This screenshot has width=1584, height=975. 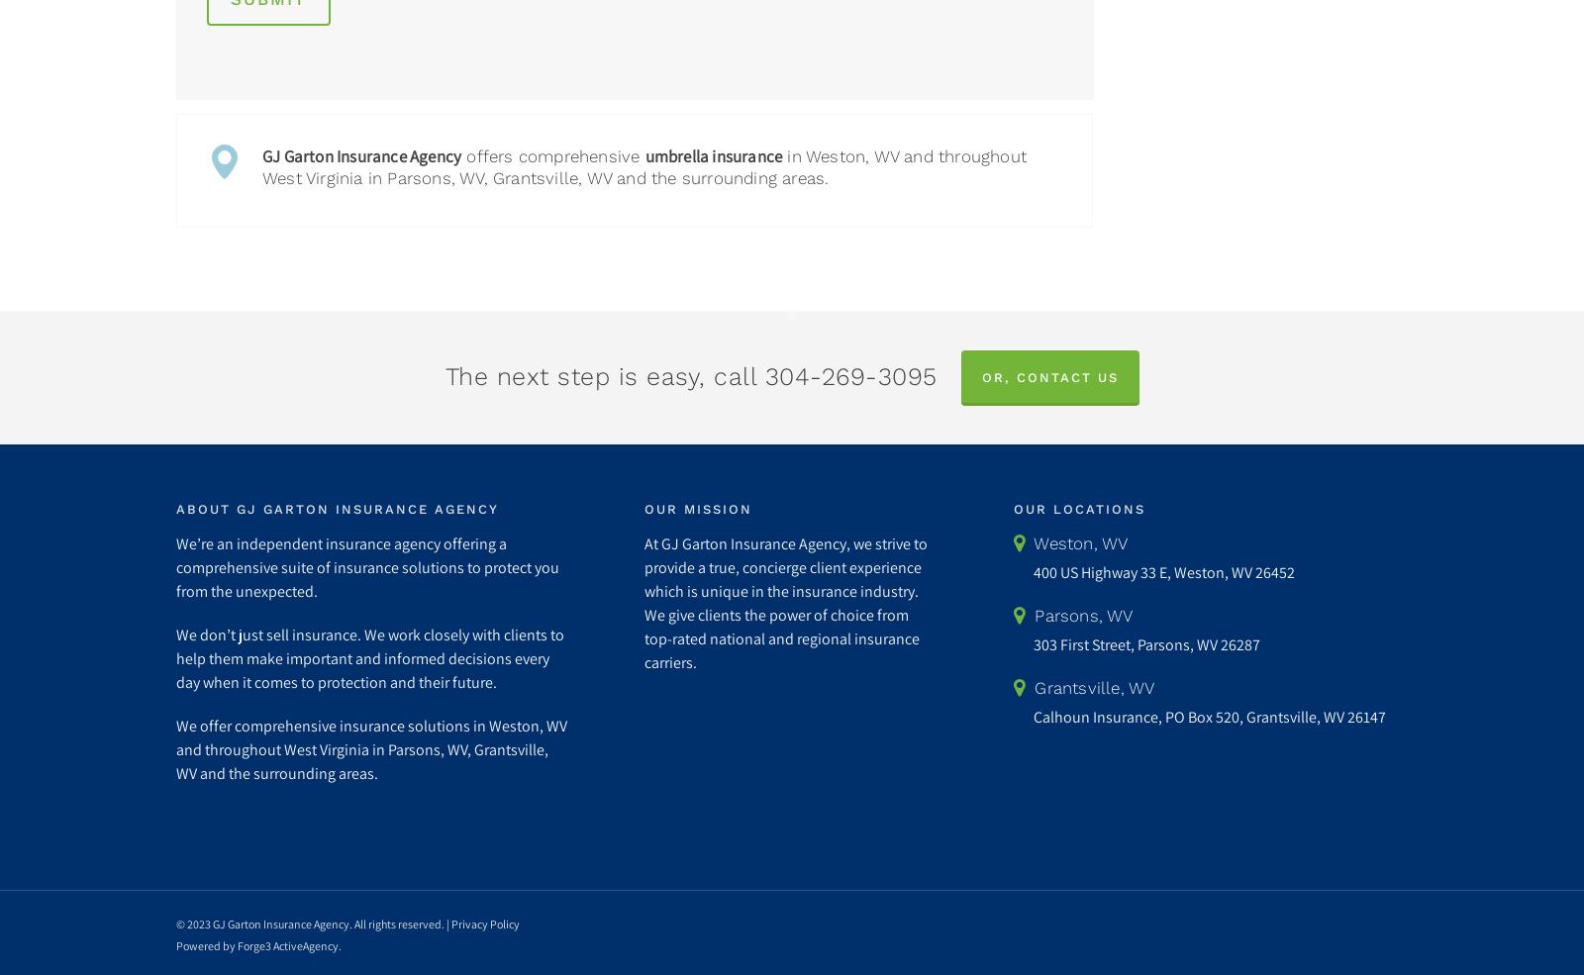 I want to click on 'Our Mission', so click(x=697, y=509).